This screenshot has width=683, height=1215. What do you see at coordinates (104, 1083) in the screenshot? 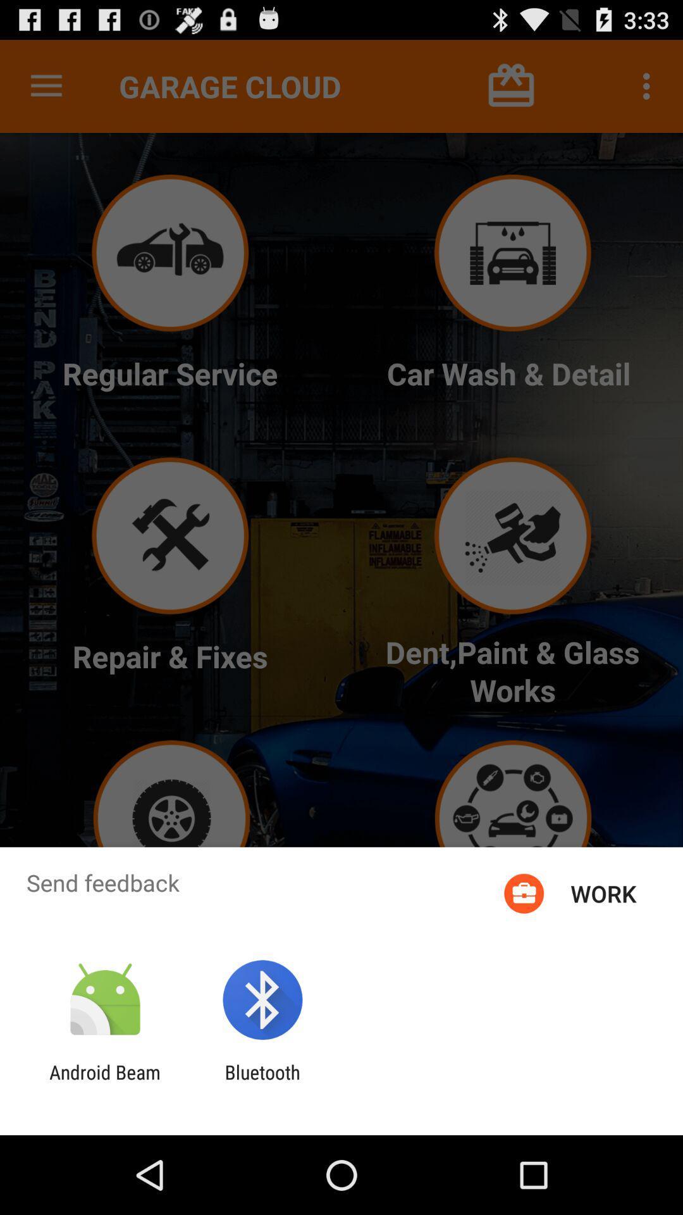
I see `the app next to the bluetooth item` at bounding box center [104, 1083].